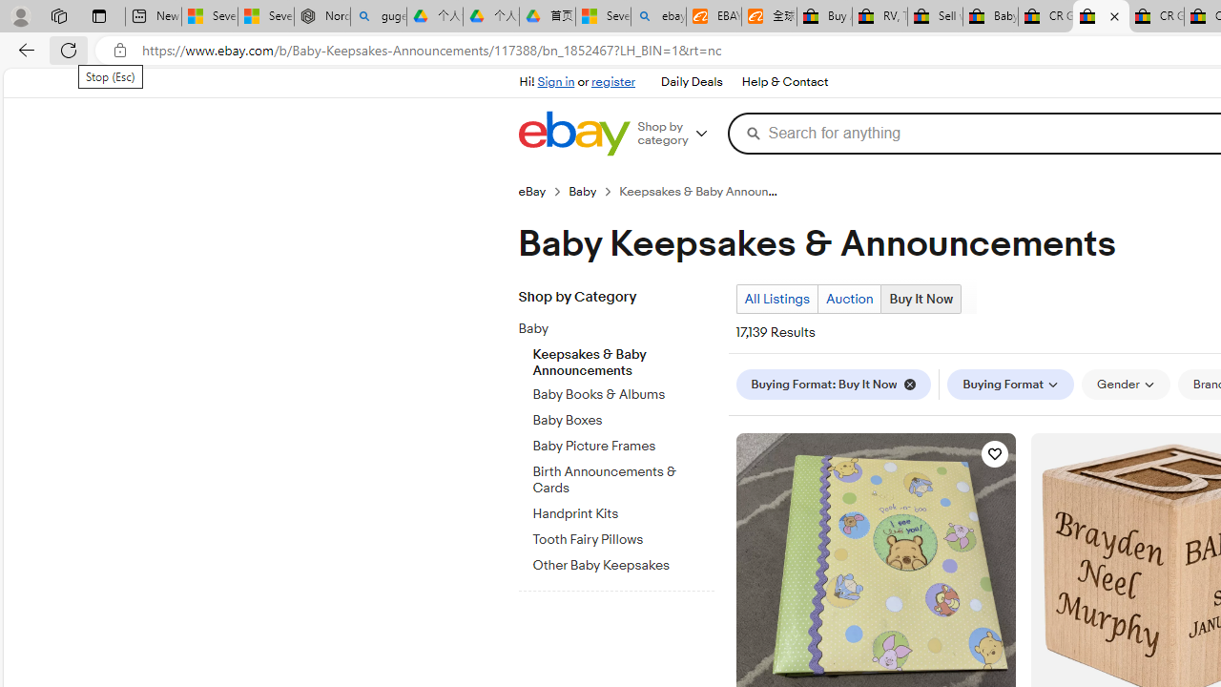  Describe the element at coordinates (623, 420) in the screenshot. I see `'Baby Boxes'` at that location.